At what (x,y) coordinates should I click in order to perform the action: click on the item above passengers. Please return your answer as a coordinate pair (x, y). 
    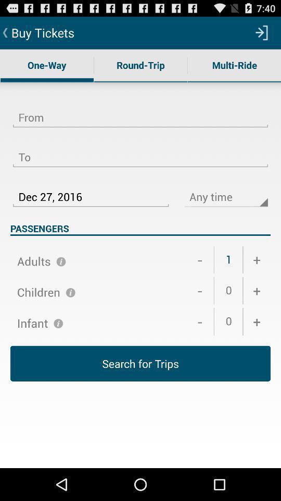
    Looking at the image, I should click on (91, 190).